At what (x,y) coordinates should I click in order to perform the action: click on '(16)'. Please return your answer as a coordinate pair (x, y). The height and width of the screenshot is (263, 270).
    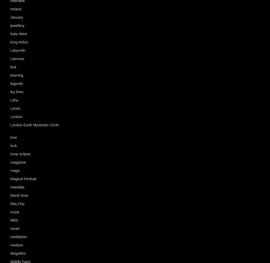
    Looking at the image, I should click on (28, 25).